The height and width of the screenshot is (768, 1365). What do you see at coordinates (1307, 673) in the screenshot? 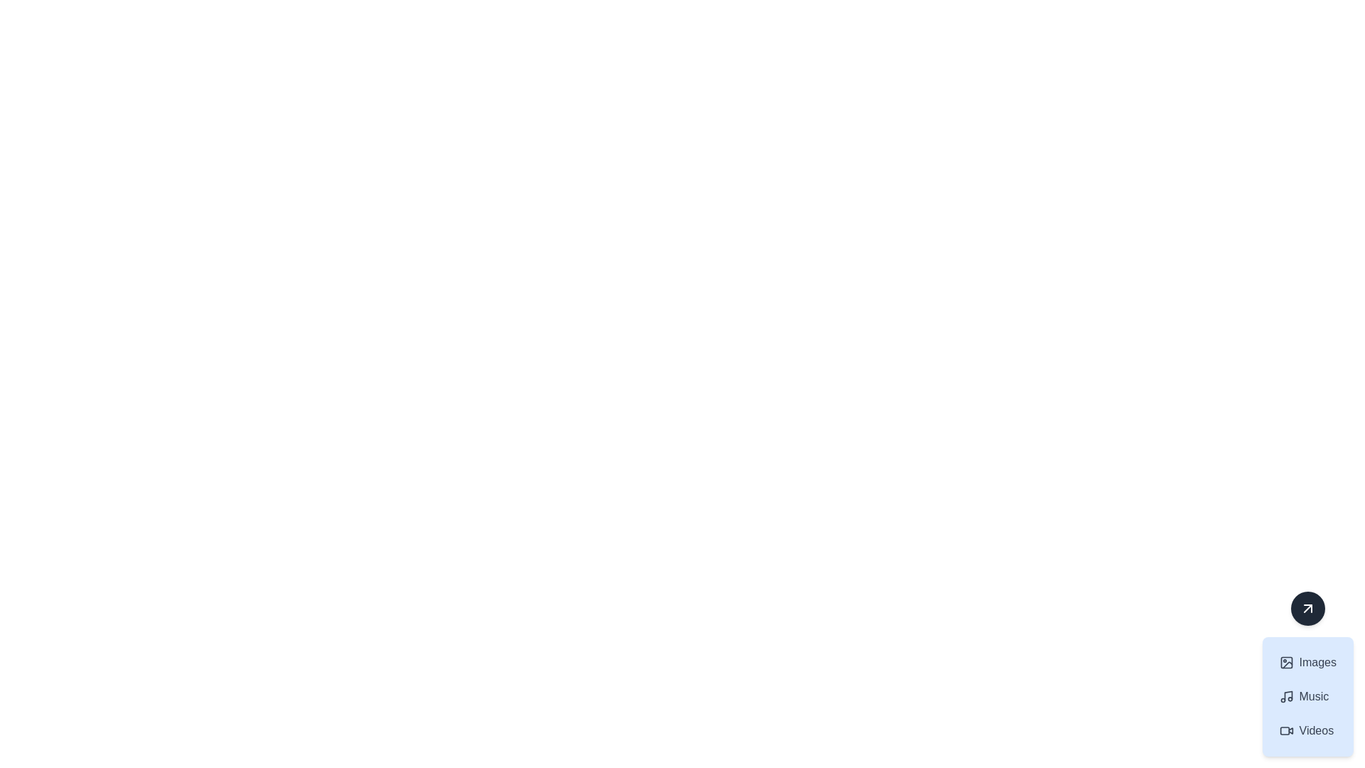
I see `the 'Images' button, which is the first entry in a vertical list with a light blue background and contains a picture frame icon on the left` at bounding box center [1307, 673].